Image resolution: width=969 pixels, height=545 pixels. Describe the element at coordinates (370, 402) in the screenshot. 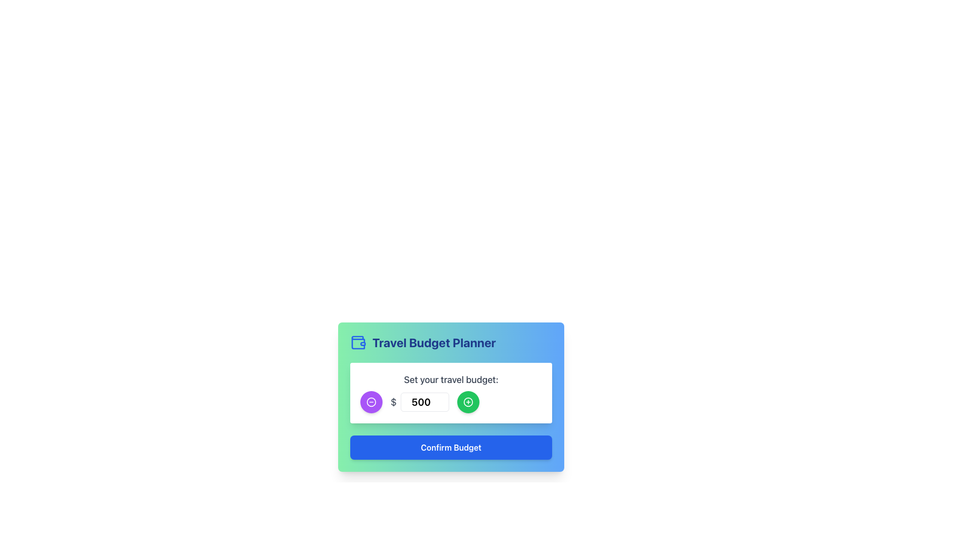

I see `the purple circular button with a white circle inside it` at that location.